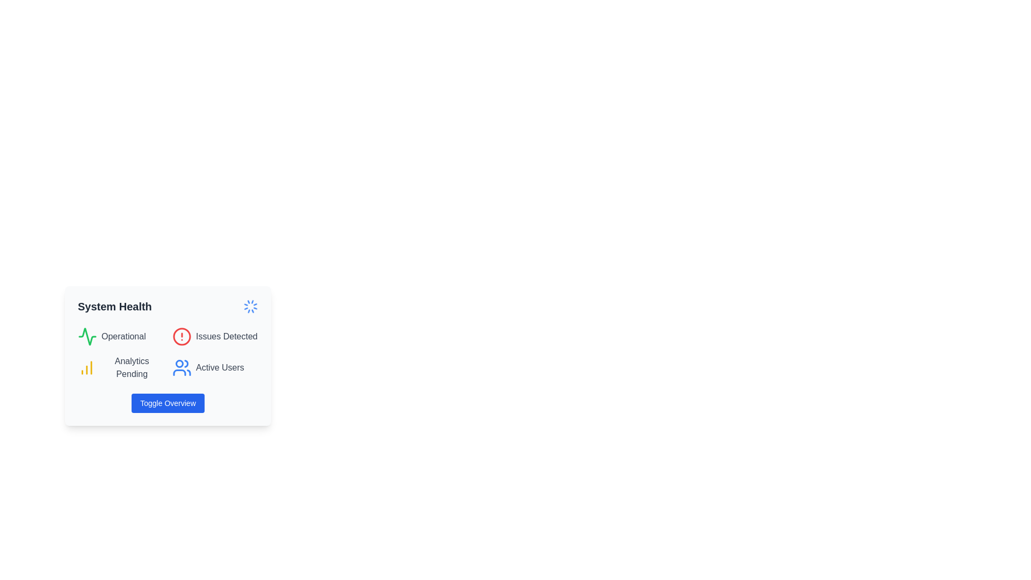 The width and height of the screenshot is (1031, 580). Describe the element at coordinates (182, 367) in the screenshot. I see `the blue group of people icon located in the bottom-right corner of the 'Active Users' section on the 'System Health' card` at that location.